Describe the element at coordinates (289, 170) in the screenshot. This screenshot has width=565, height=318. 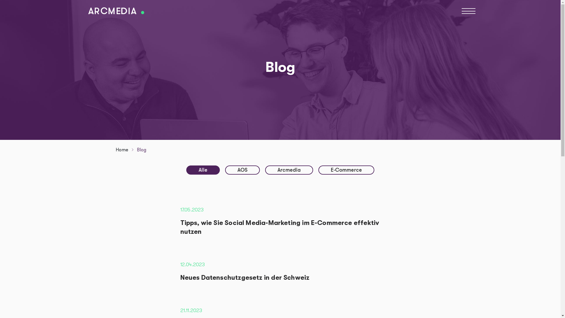
I see `'Arcmedia'` at that location.